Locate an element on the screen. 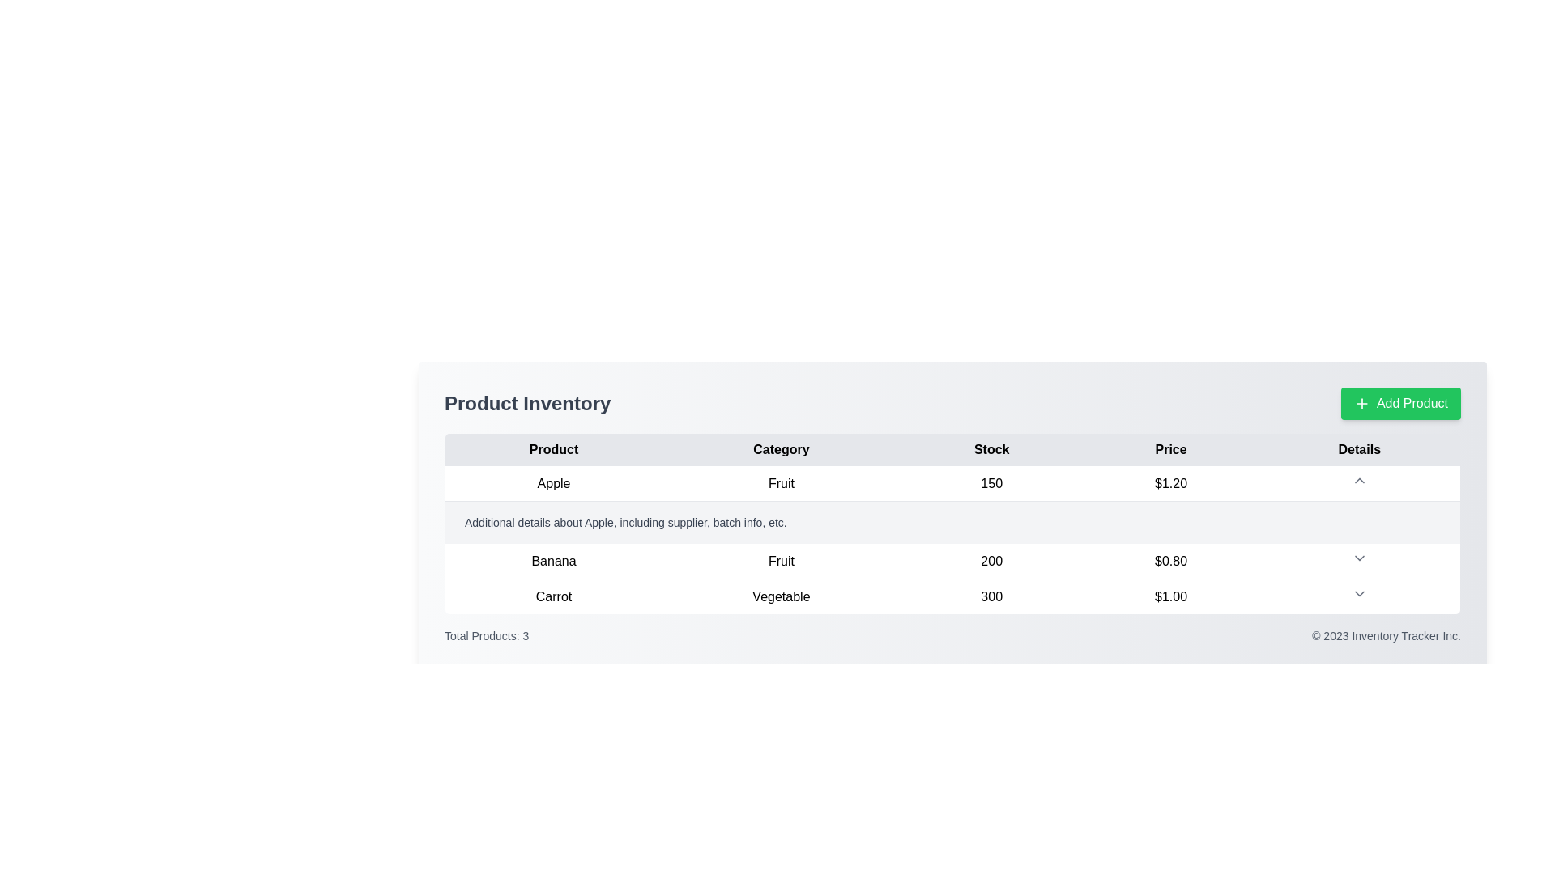 Image resolution: width=1555 pixels, height=874 pixels. the downward-facing chevron button in the details column of the third row (Carrot) in the table is located at coordinates (1359, 593).